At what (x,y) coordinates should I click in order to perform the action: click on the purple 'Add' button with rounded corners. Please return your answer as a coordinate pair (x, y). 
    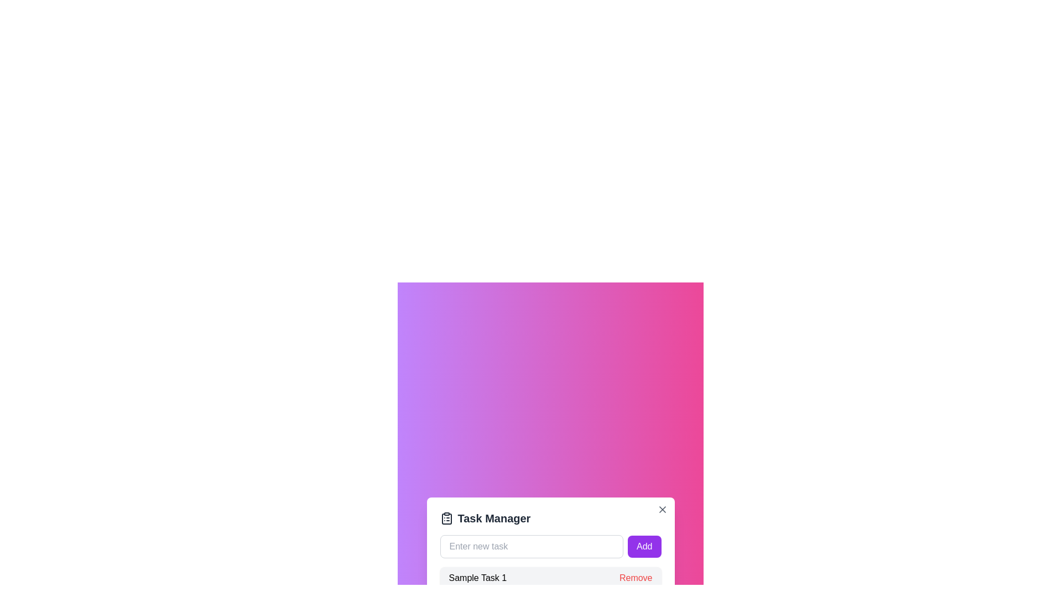
    Looking at the image, I should click on (644, 546).